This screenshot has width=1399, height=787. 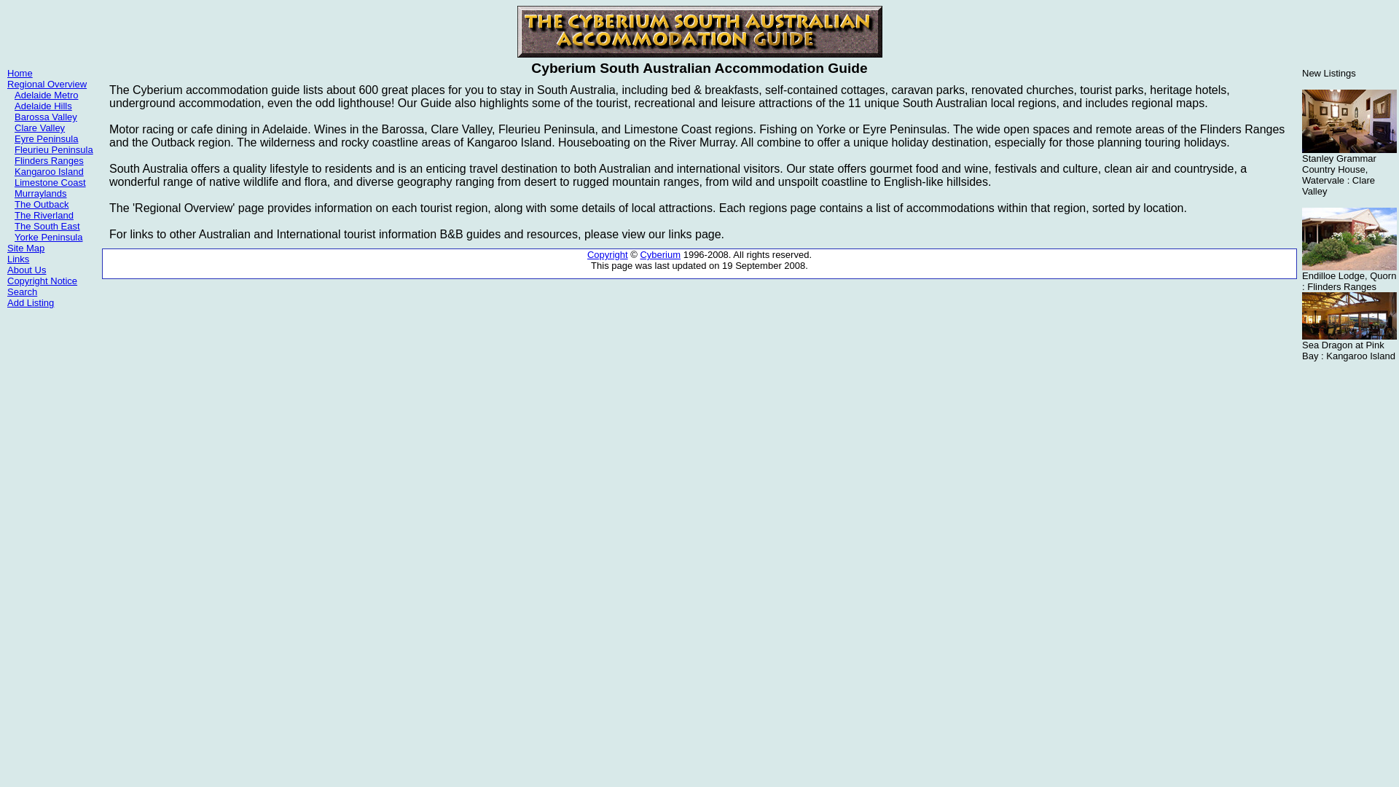 I want to click on 'Home', so click(x=20, y=73).